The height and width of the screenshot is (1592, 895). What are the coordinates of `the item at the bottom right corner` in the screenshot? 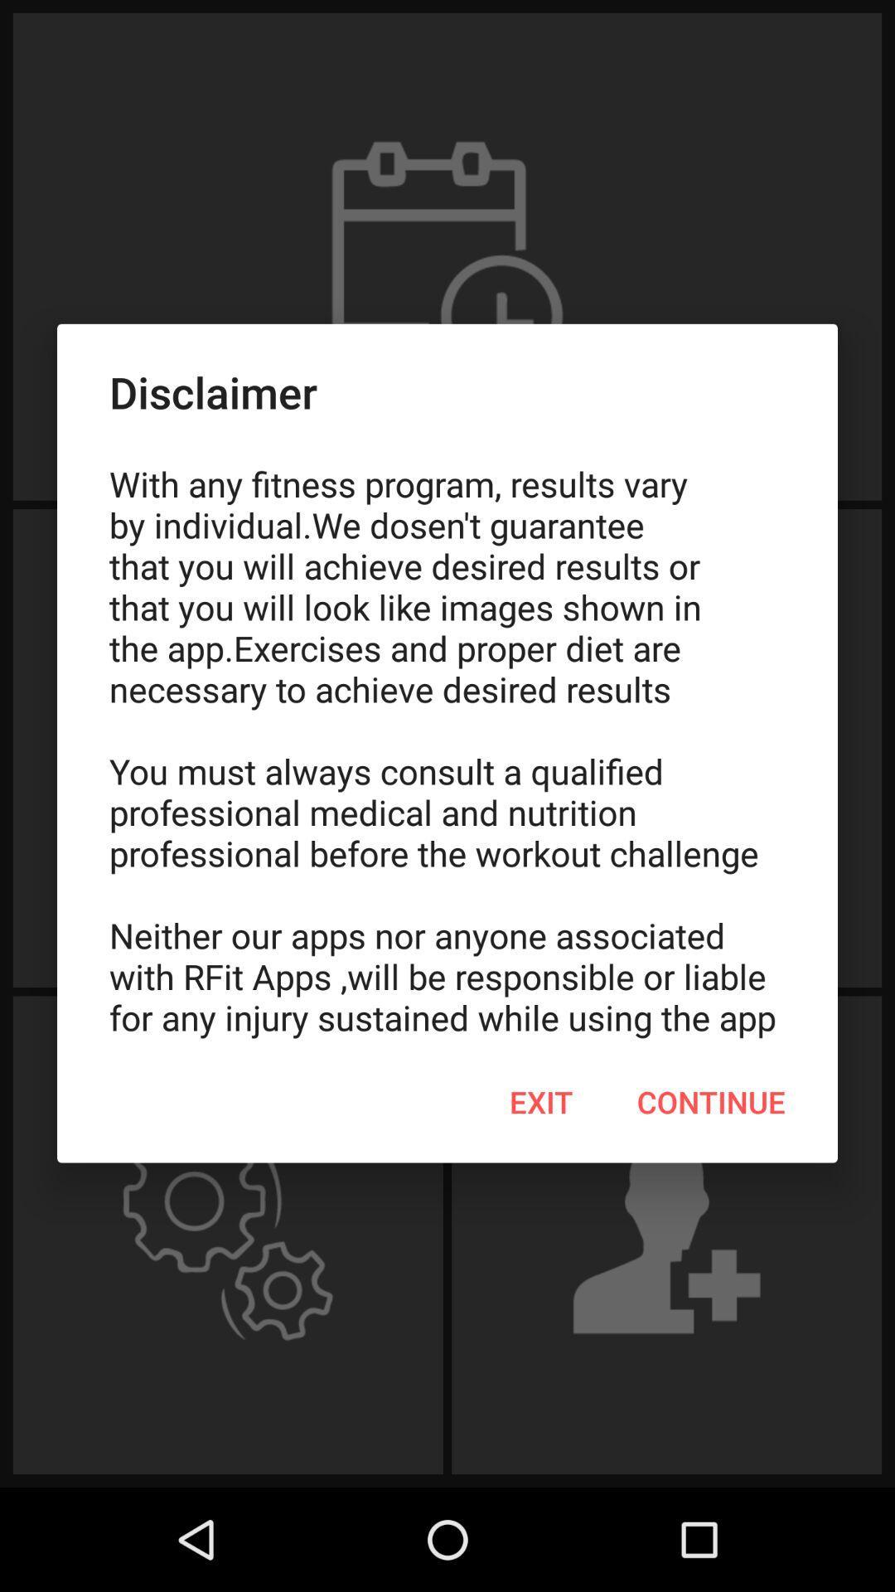 It's located at (710, 1102).